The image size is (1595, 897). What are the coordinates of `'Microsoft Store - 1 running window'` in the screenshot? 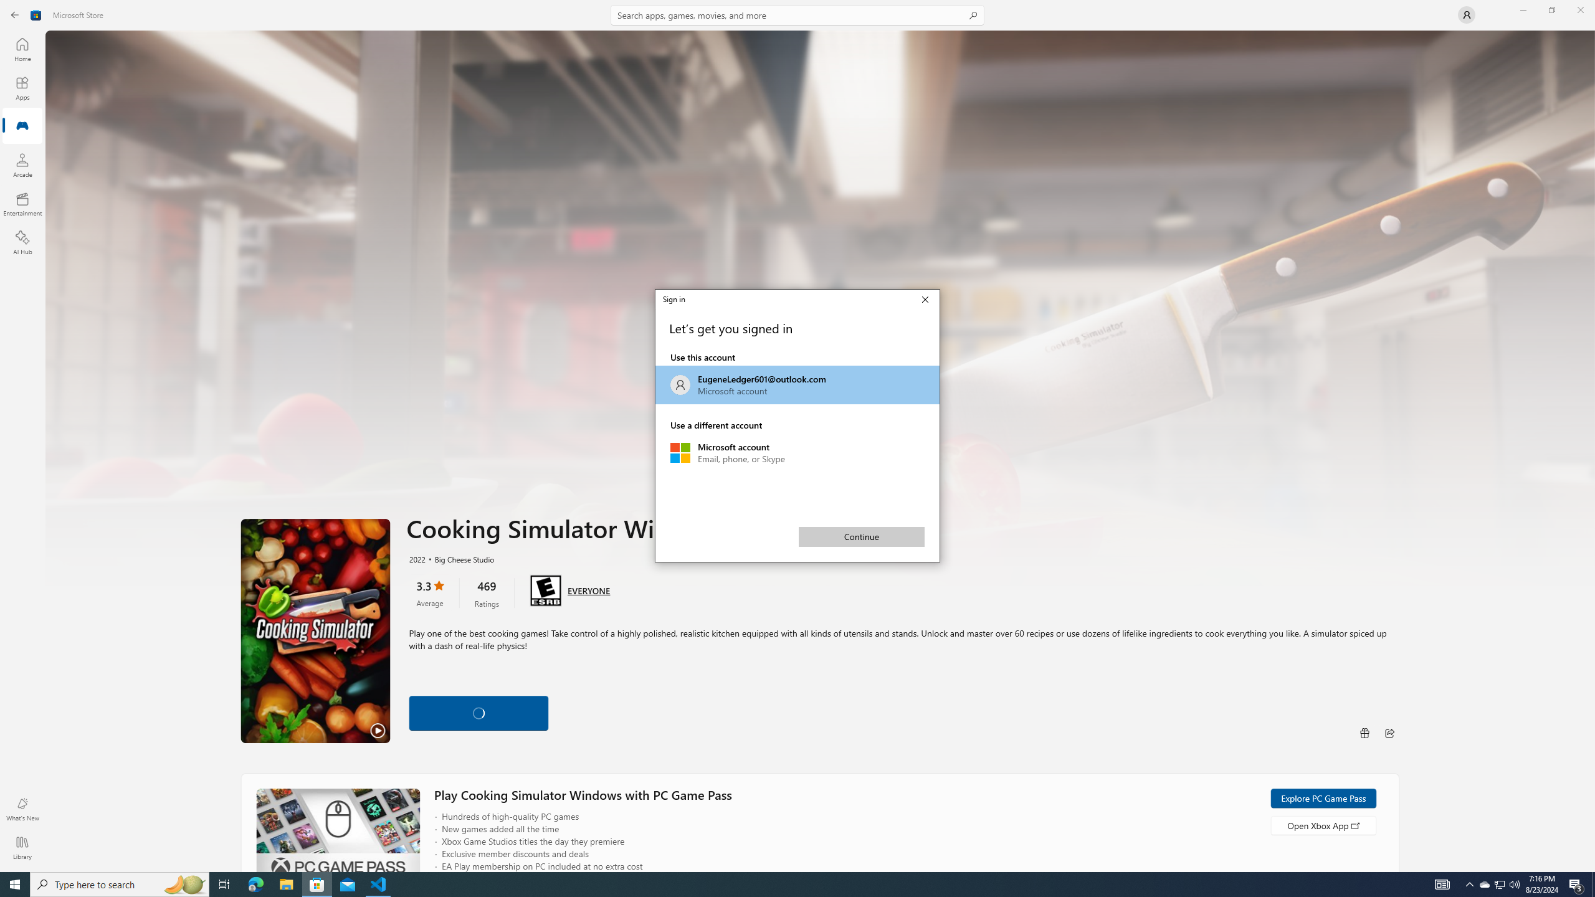 It's located at (317, 883).